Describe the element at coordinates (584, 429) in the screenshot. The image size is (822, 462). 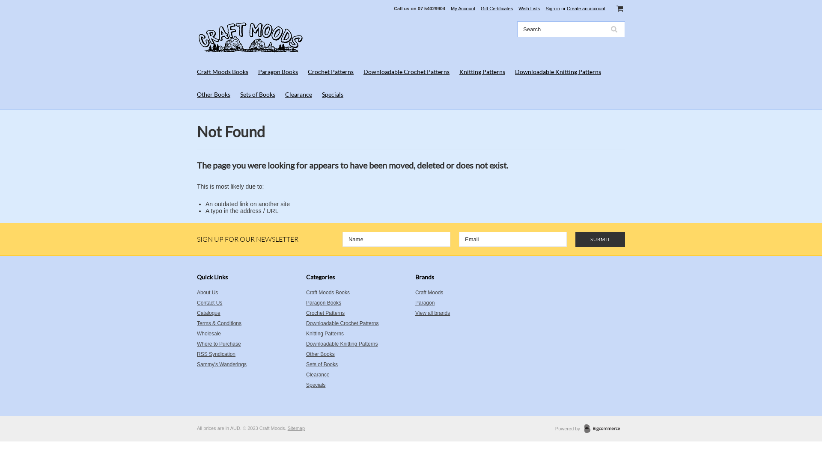
I see `'Bigcommerce'` at that location.